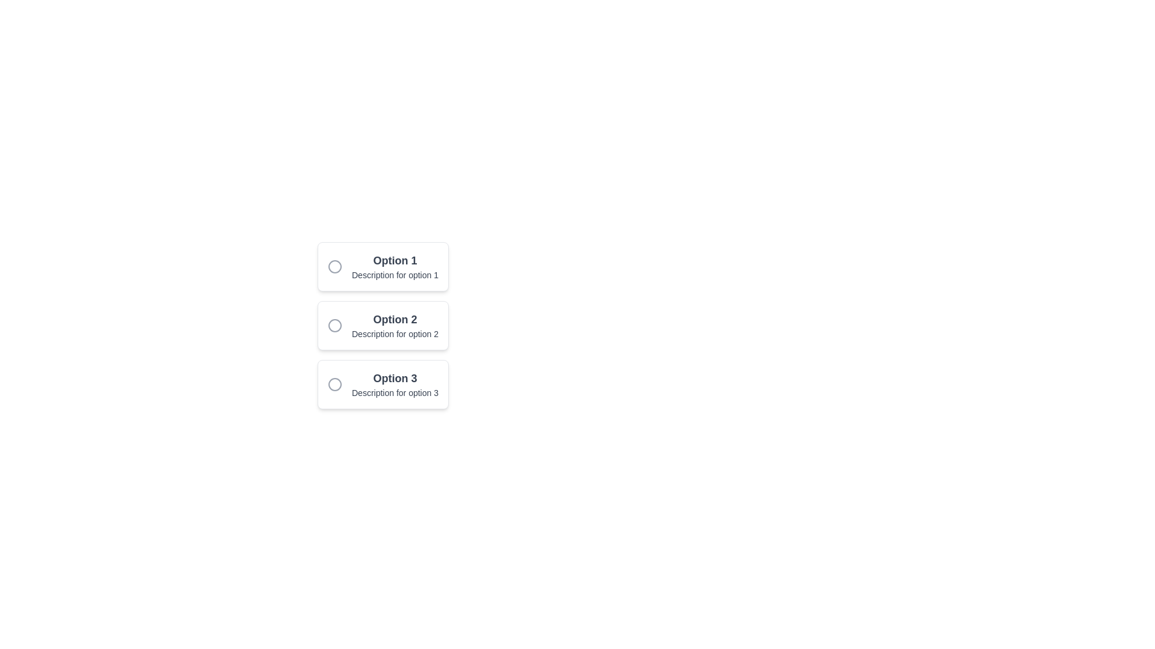 The image size is (1155, 649). Describe the element at coordinates (334, 266) in the screenshot. I see `the radio button associated with 'Option 1', which is represented by a circular icon with a gray border and hollow center, positioned to the left of the text 'Option 1'` at that location.